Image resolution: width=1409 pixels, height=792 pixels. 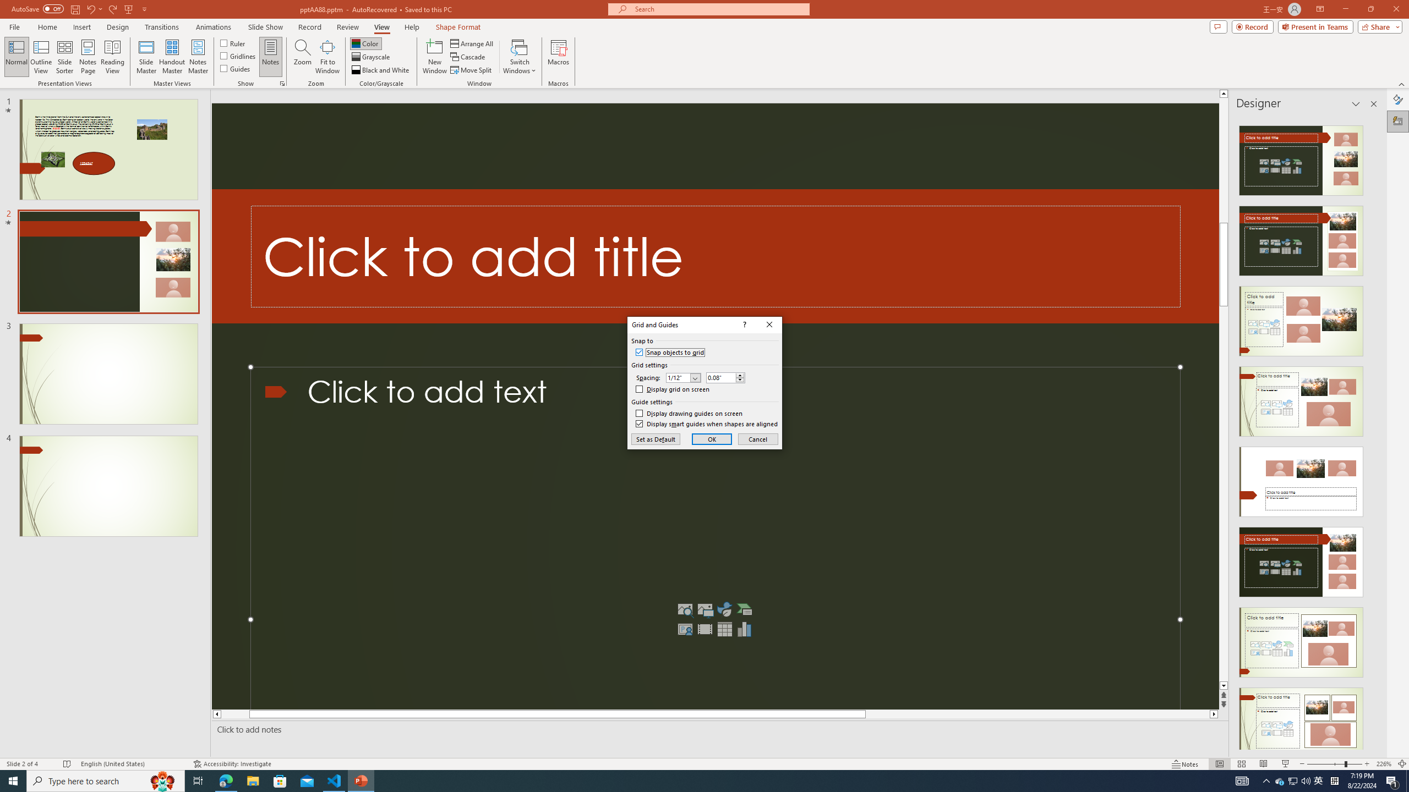 What do you see at coordinates (1392, 780) in the screenshot?
I see `'Action Center, 1 new notification'` at bounding box center [1392, 780].